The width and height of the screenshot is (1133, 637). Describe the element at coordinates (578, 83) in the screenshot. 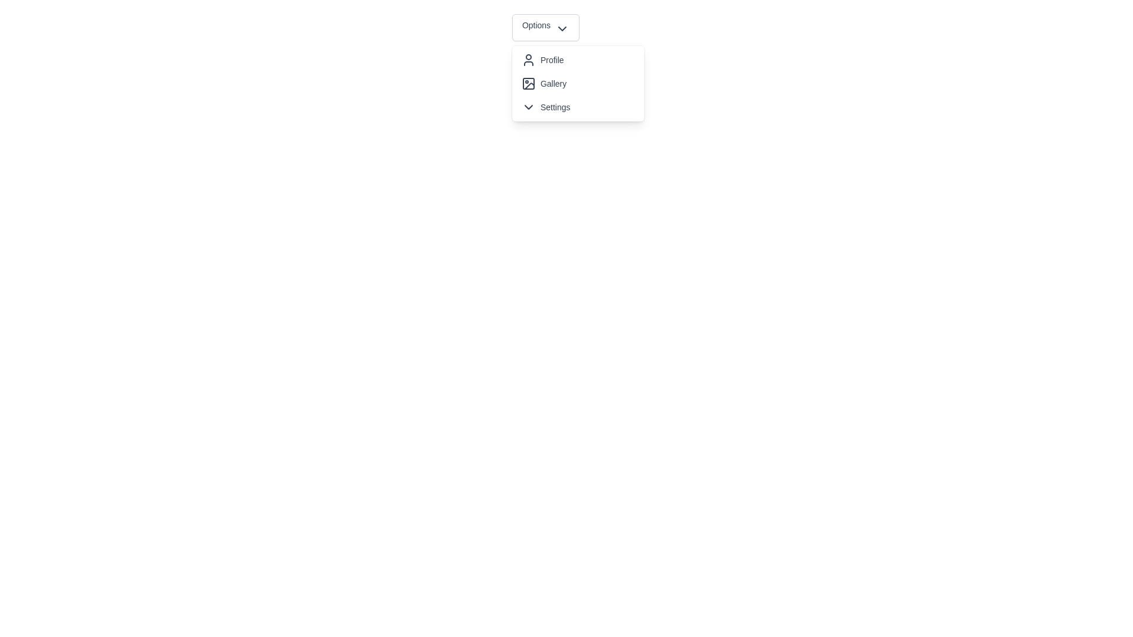

I see `the 'Gallery' list item, which is the second item in the dropdown menu below the 'Options' button` at that location.